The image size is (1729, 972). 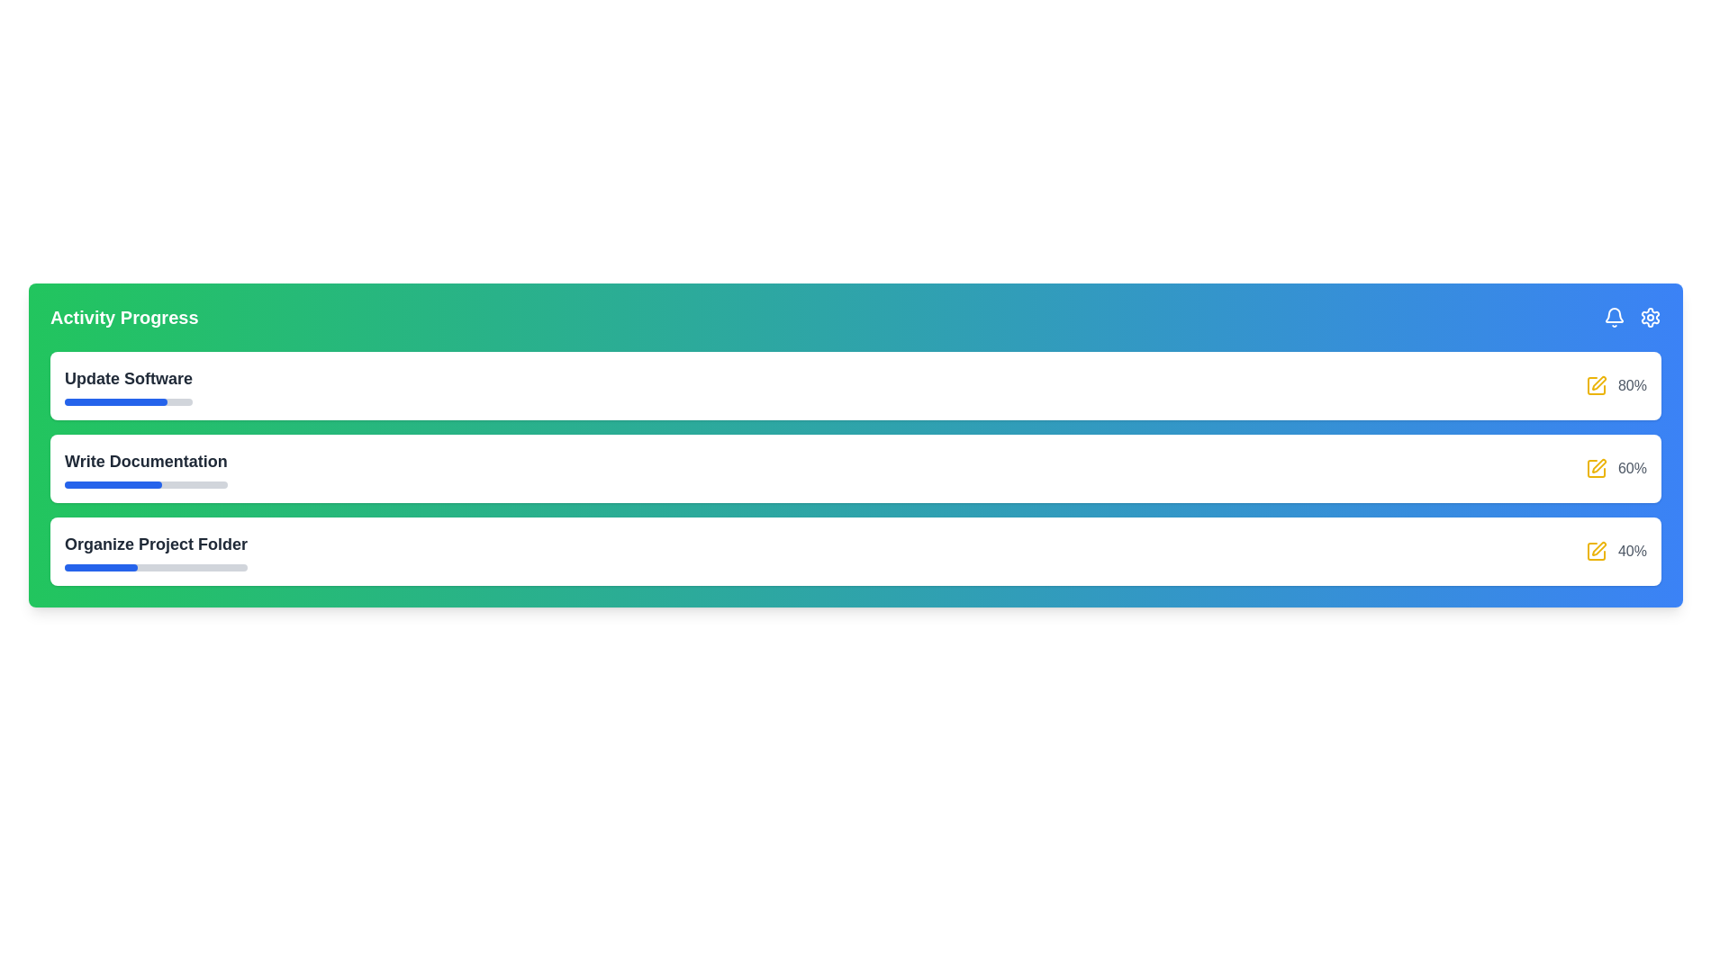 What do you see at coordinates (156, 544) in the screenshot?
I see `the bold text label displaying 'Organize Project Folder', which is the third item under the 'Activity Progress' section` at bounding box center [156, 544].